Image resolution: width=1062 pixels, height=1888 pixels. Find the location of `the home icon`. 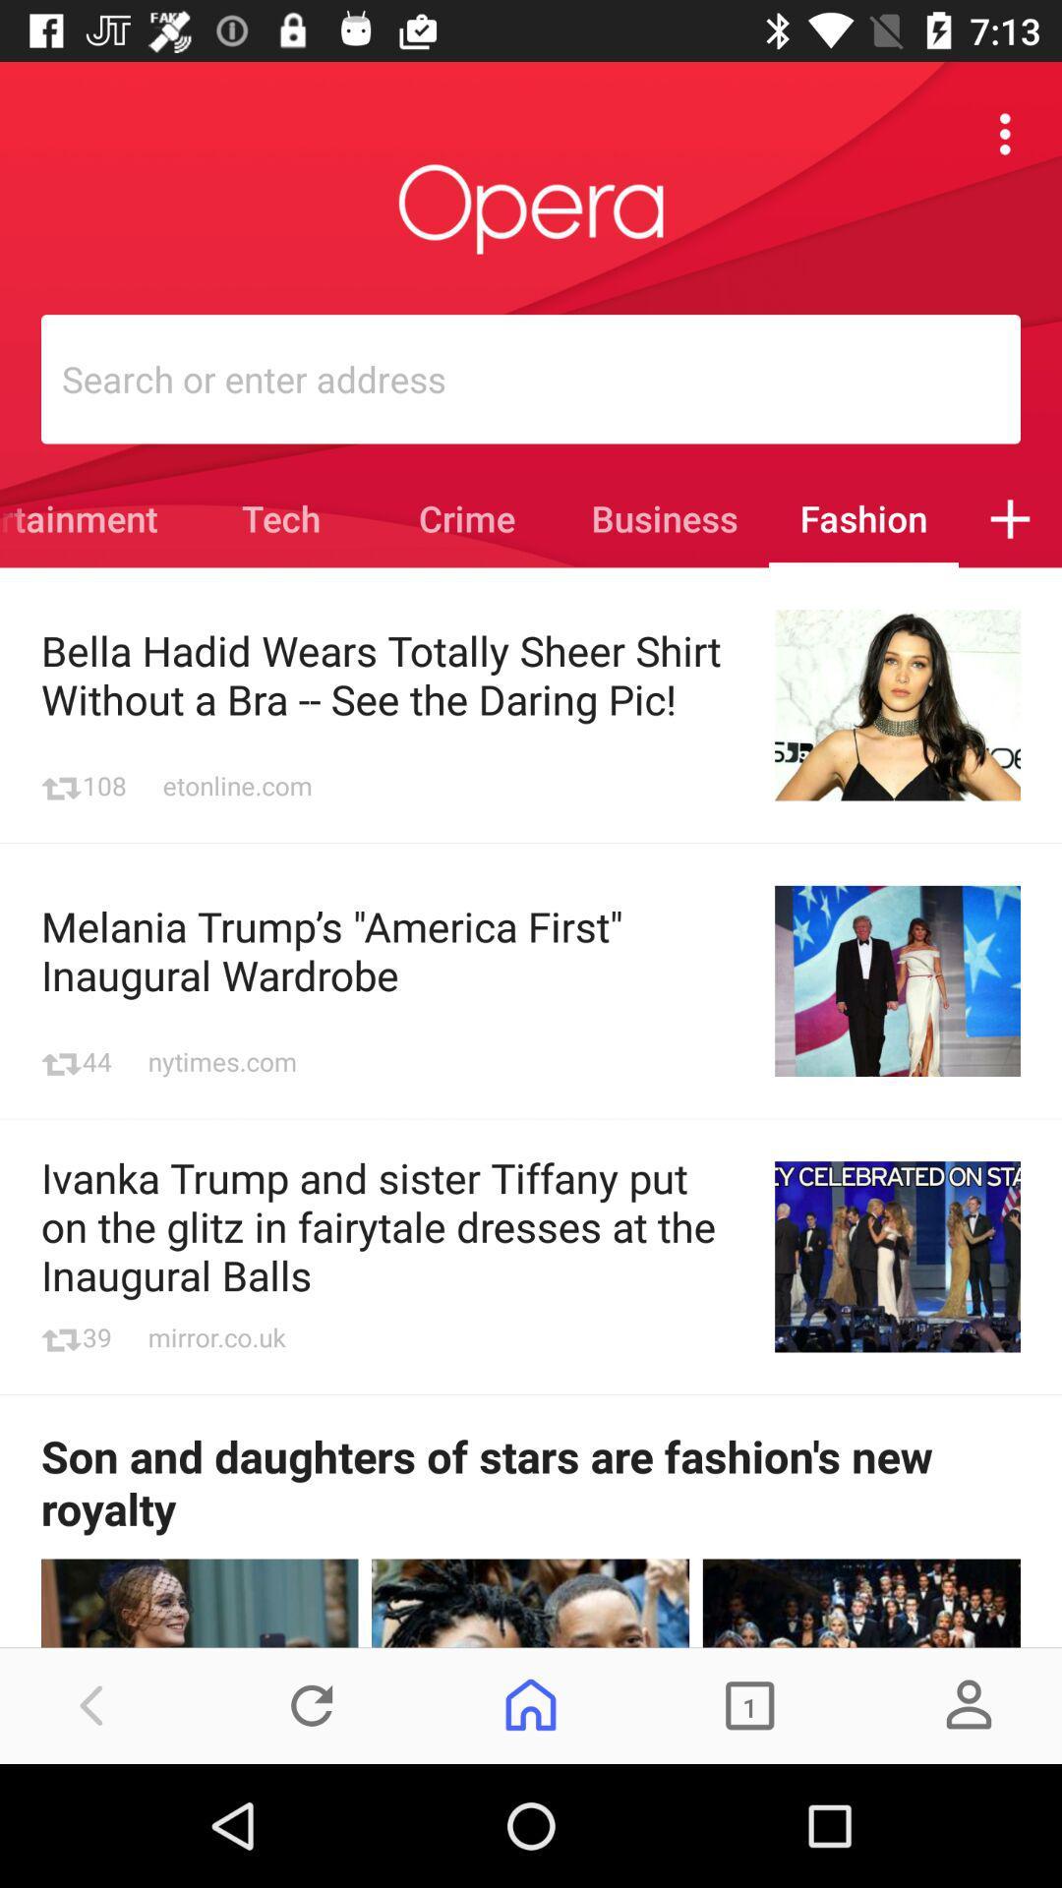

the home icon is located at coordinates (531, 1704).